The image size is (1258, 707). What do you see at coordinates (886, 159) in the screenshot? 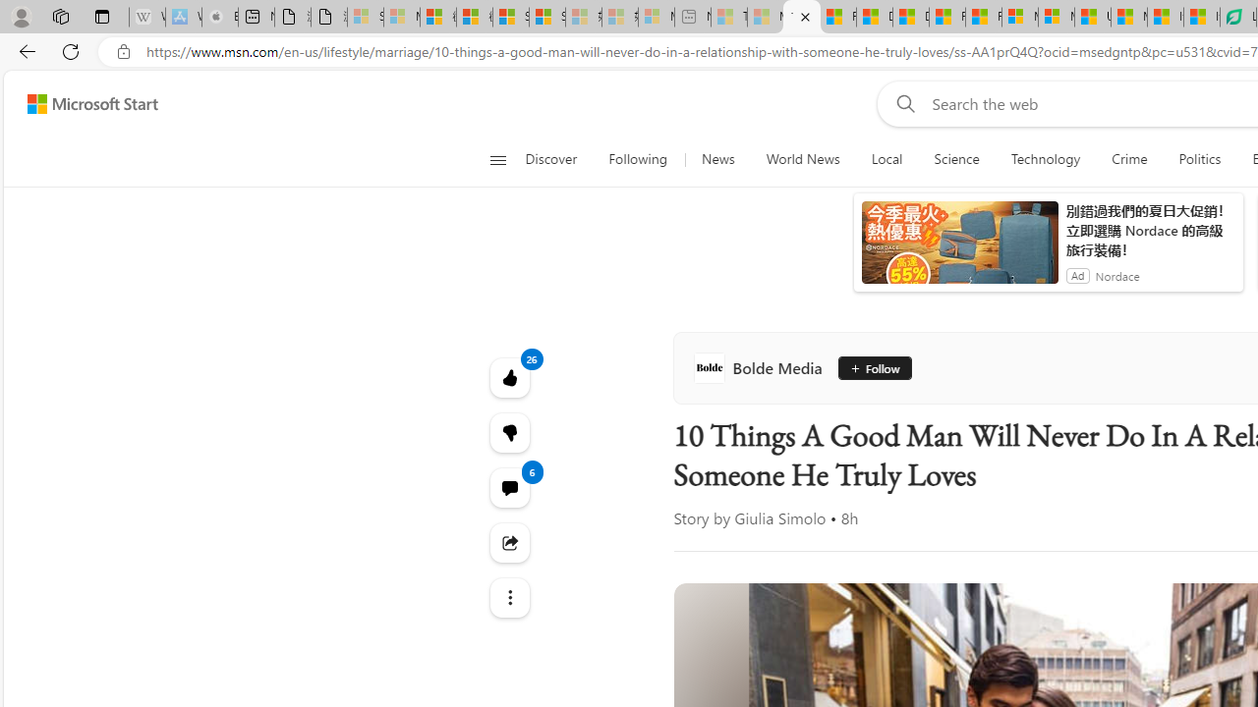
I see `'Local'` at bounding box center [886, 159].